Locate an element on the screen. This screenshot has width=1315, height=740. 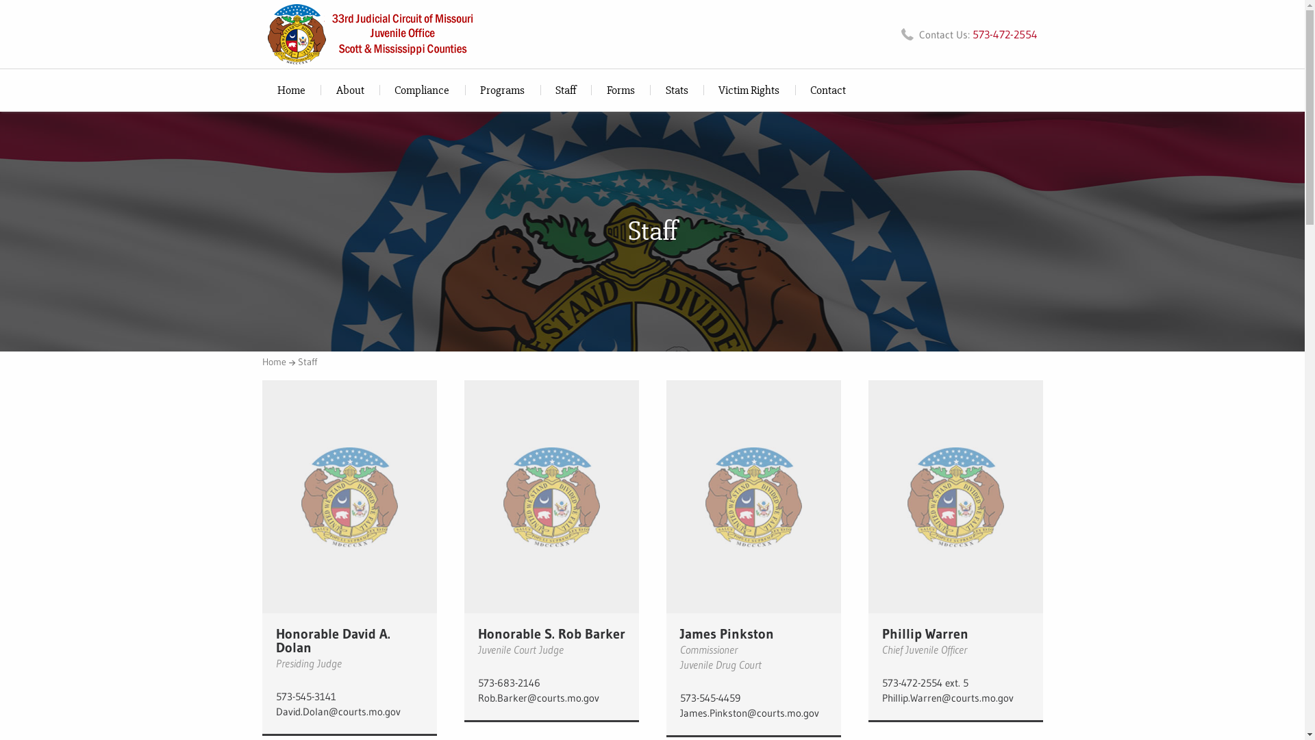
'573-472-2554' is located at coordinates (1005, 34).